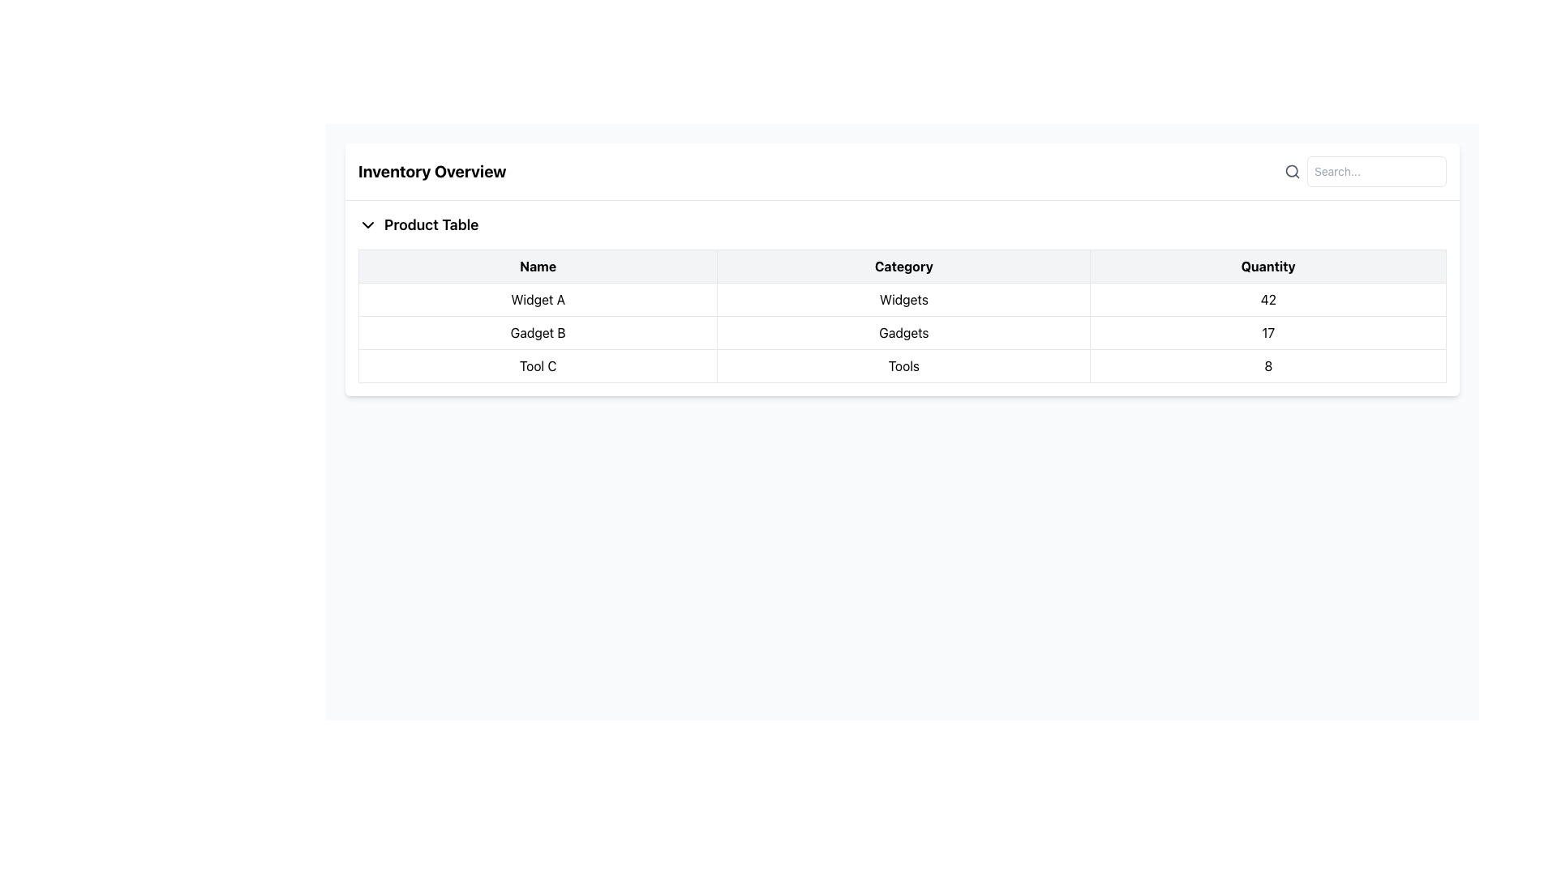 The height and width of the screenshot is (875, 1557). What do you see at coordinates (1267, 265) in the screenshot?
I see `the 'Quantity' text label, which is the third element in the header row of a table, displaying bold, black font on a light gray background` at bounding box center [1267, 265].